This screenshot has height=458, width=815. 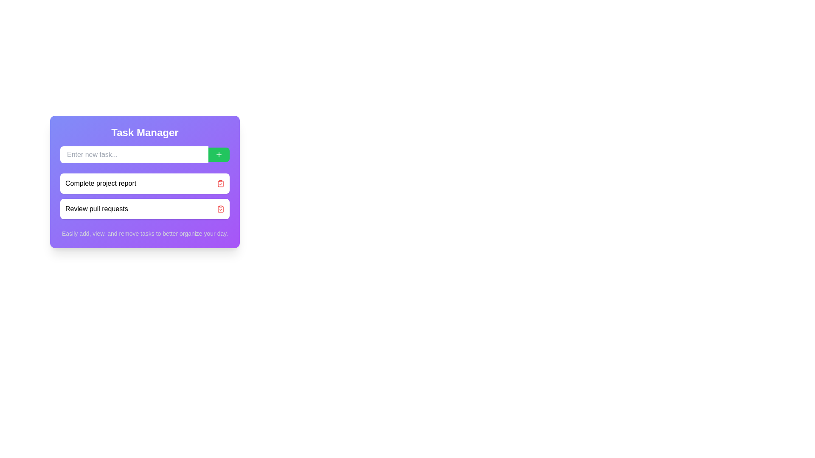 I want to click on to select the Task title label that displays 'Review pull requests', which is positioned centrally within a slightly-rounded rectangle with a white background, so click(x=96, y=209).